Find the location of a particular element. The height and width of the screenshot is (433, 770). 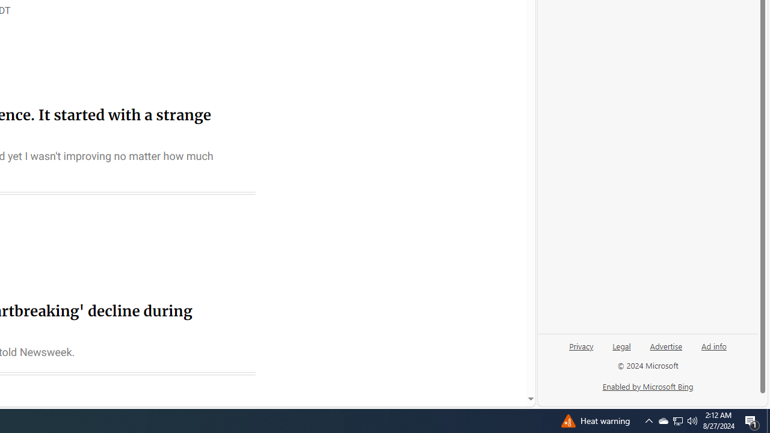

'Privacy' is located at coordinates (582, 351).